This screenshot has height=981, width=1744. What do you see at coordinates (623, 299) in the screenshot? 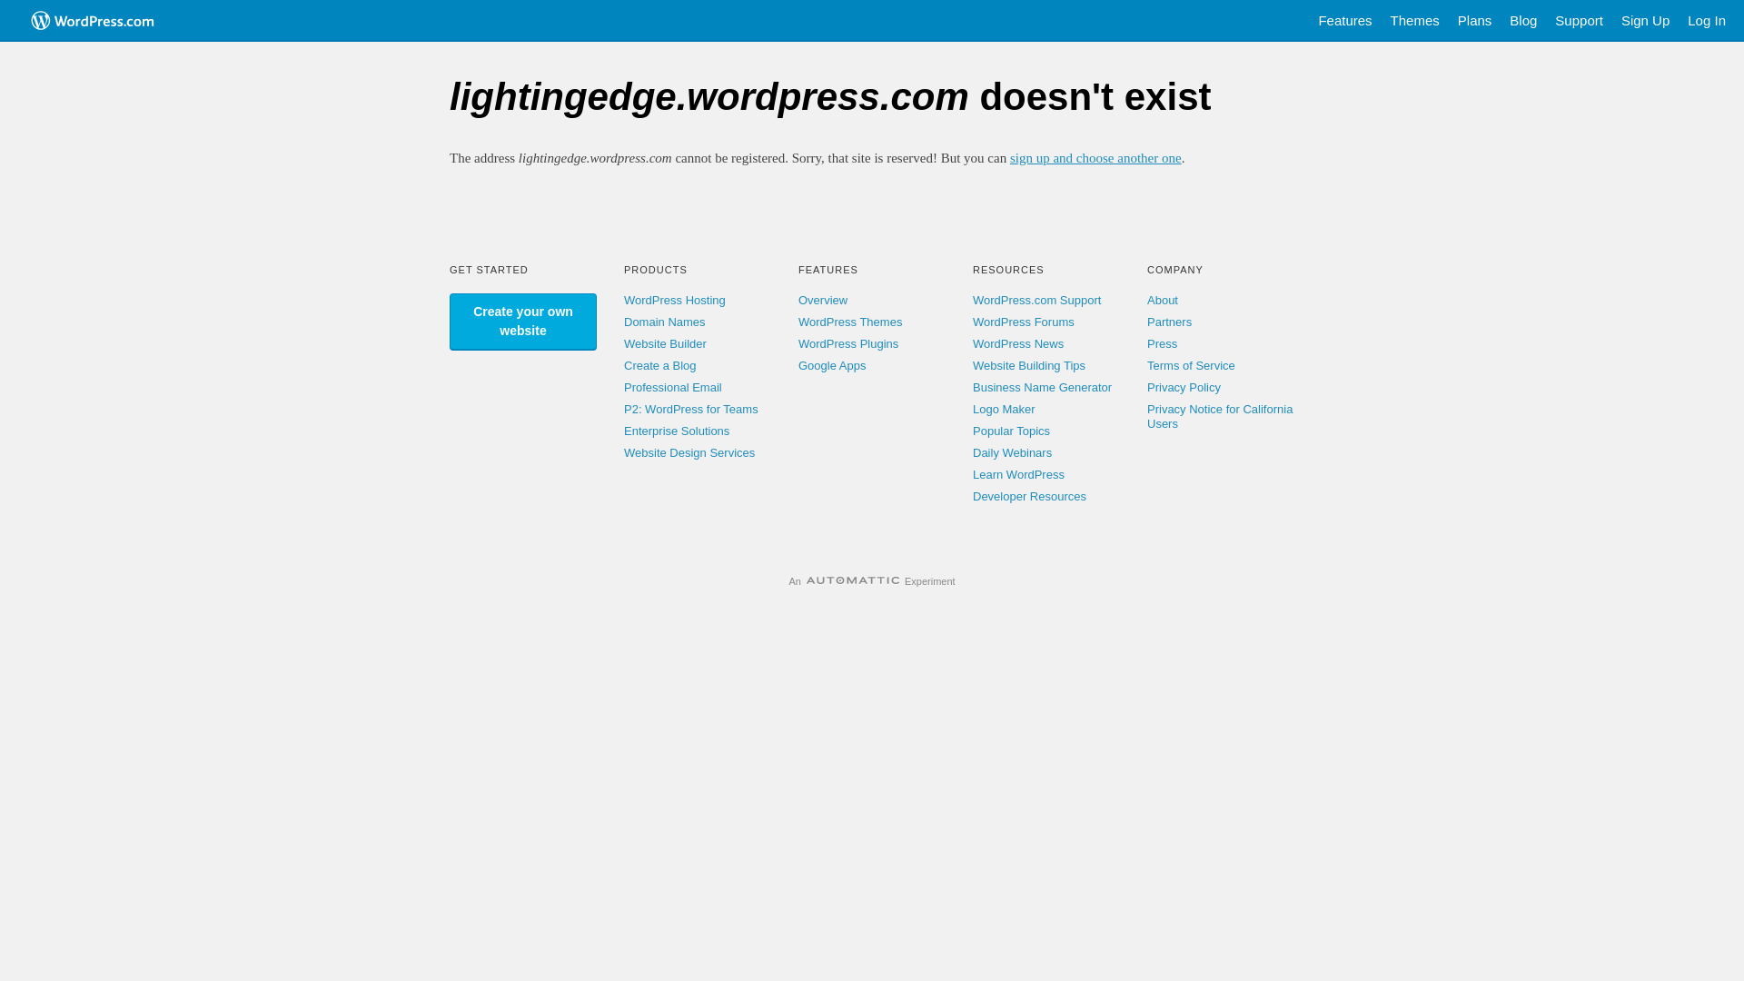
I see `'WordPress Hosting'` at bounding box center [623, 299].